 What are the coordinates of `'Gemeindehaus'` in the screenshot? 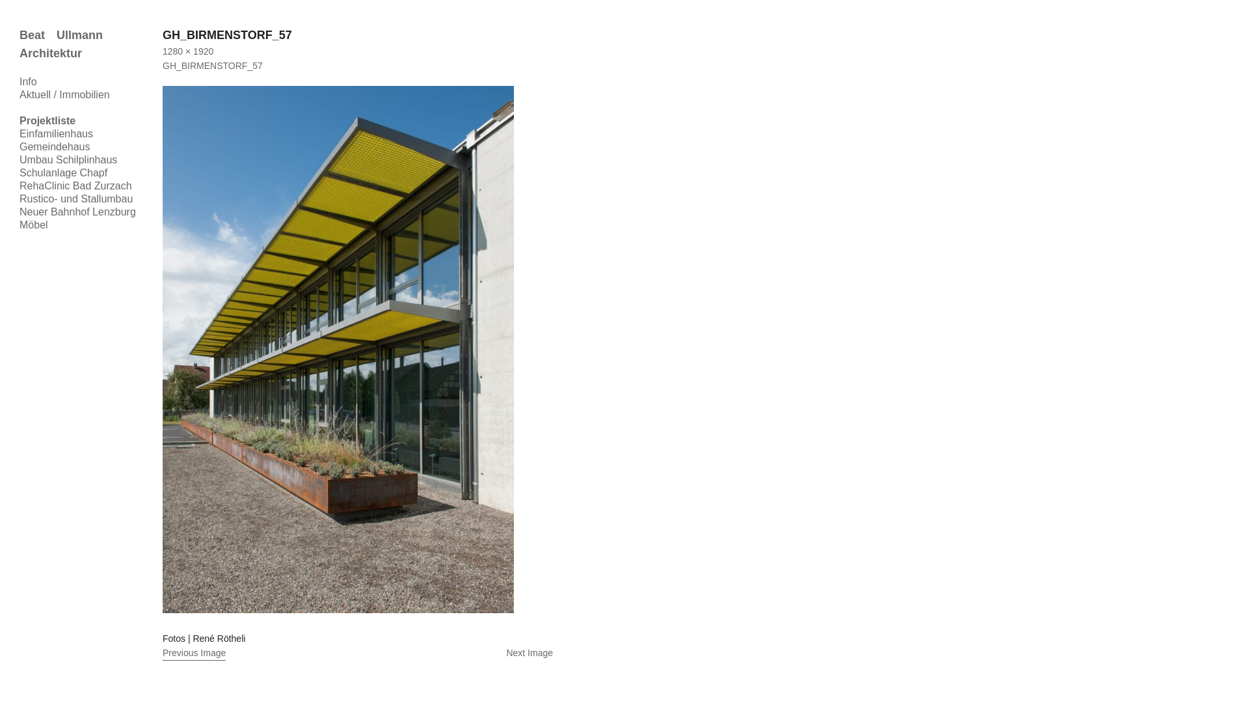 It's located at (54, 146).